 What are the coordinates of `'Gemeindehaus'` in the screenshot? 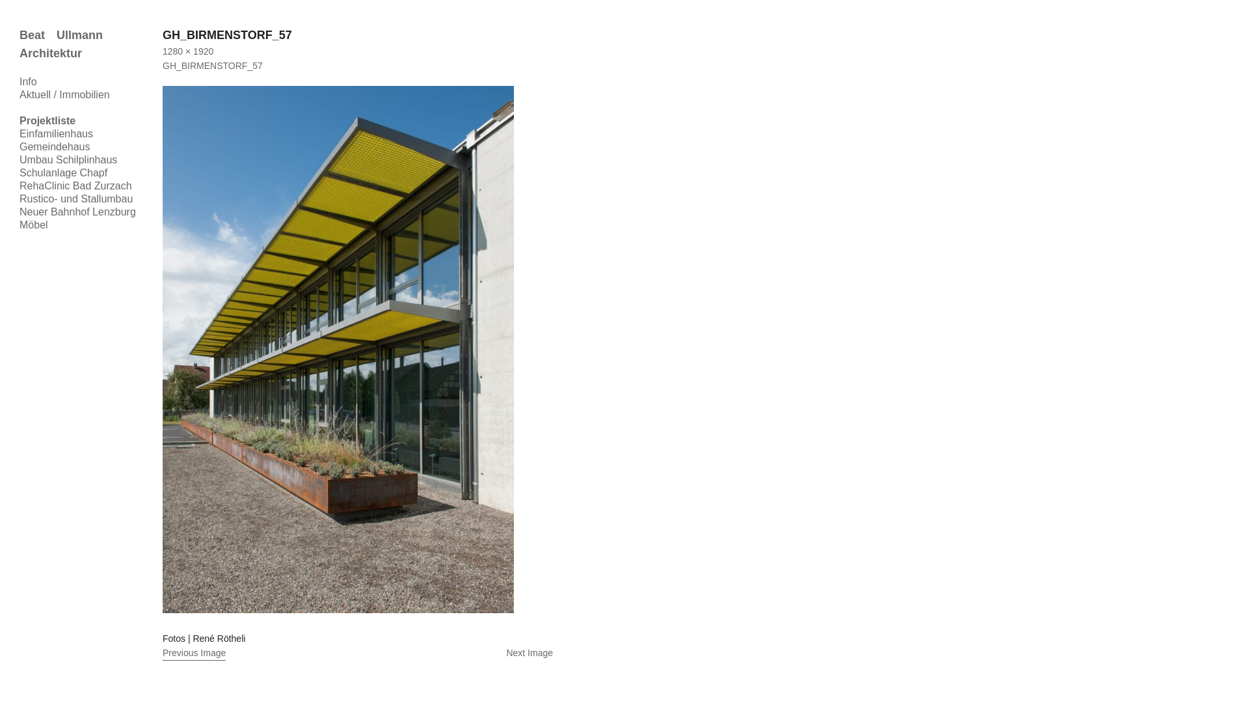 It's located at (54, 146).